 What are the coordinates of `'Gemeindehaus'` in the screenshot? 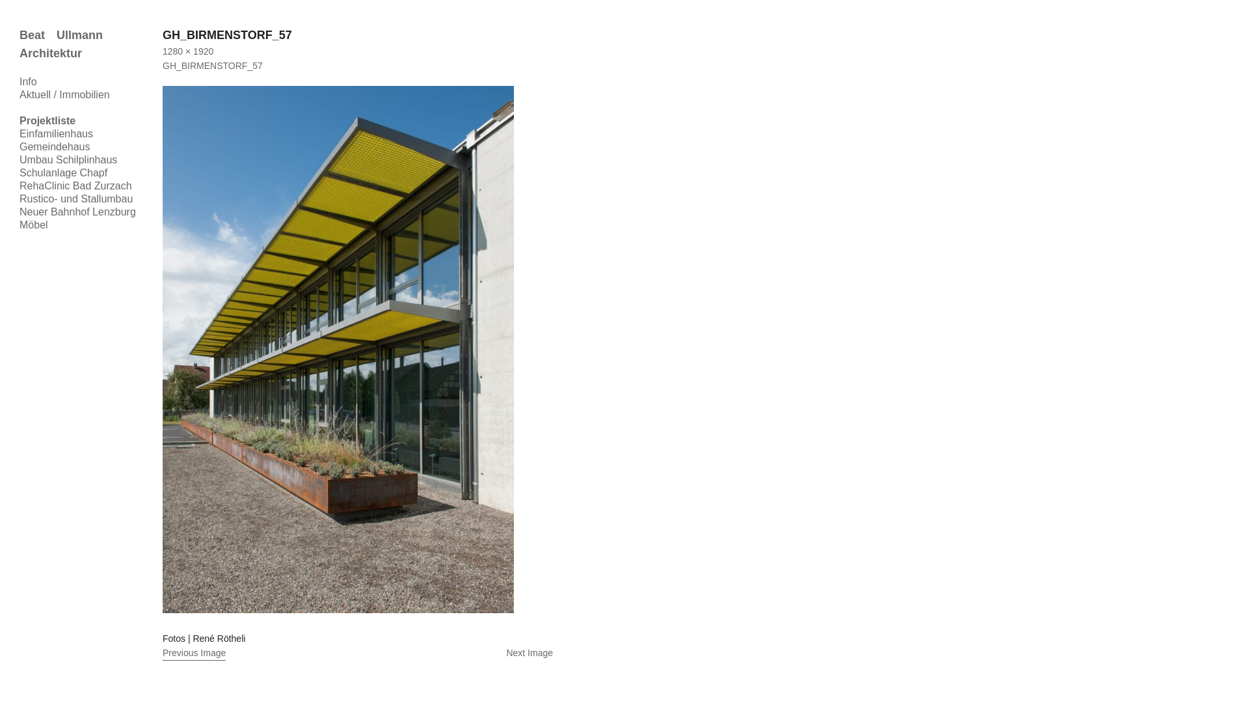 It's located at (54, 146).